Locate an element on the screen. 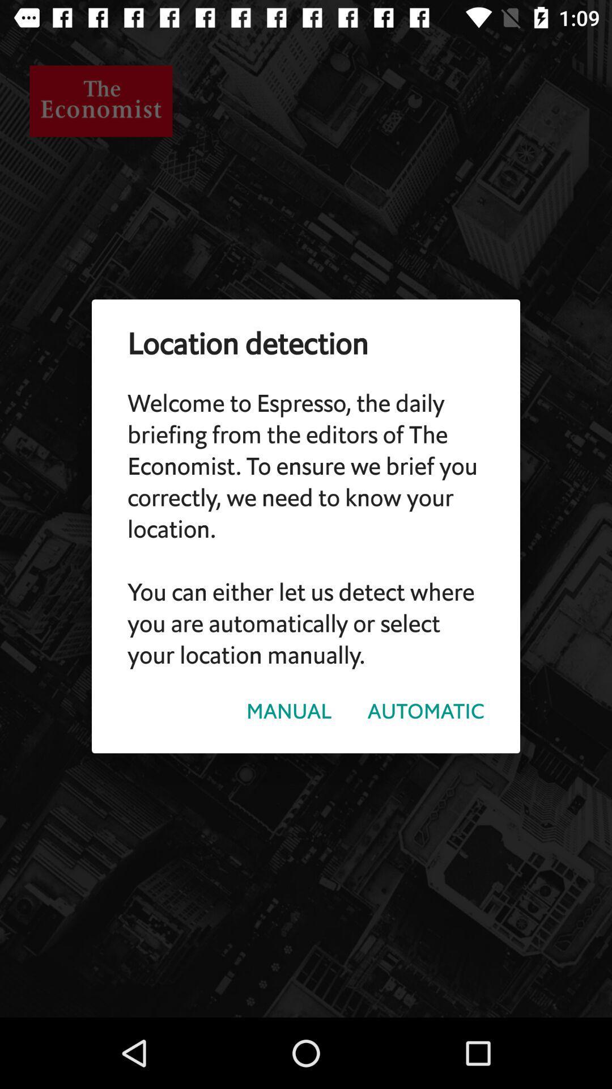 This screenshot has height=1089, width=612. the icon on the right is located at coordinates (426, 711).